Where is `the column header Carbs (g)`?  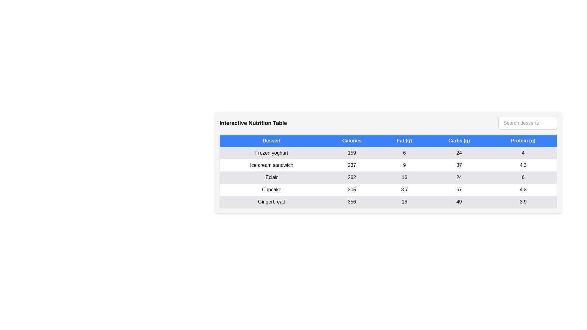
the column header Carbs (g) is located at coordinates (459, 141).